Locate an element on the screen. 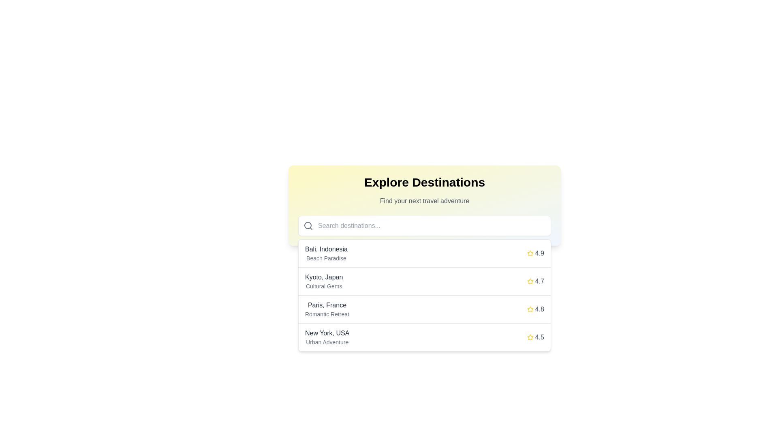  the Text block displaying 'Kyoto, Japan' and 'Cultural Gems', the second item in the list of destinations under 'Explore Destinations' is located at coordinates (323, 281).